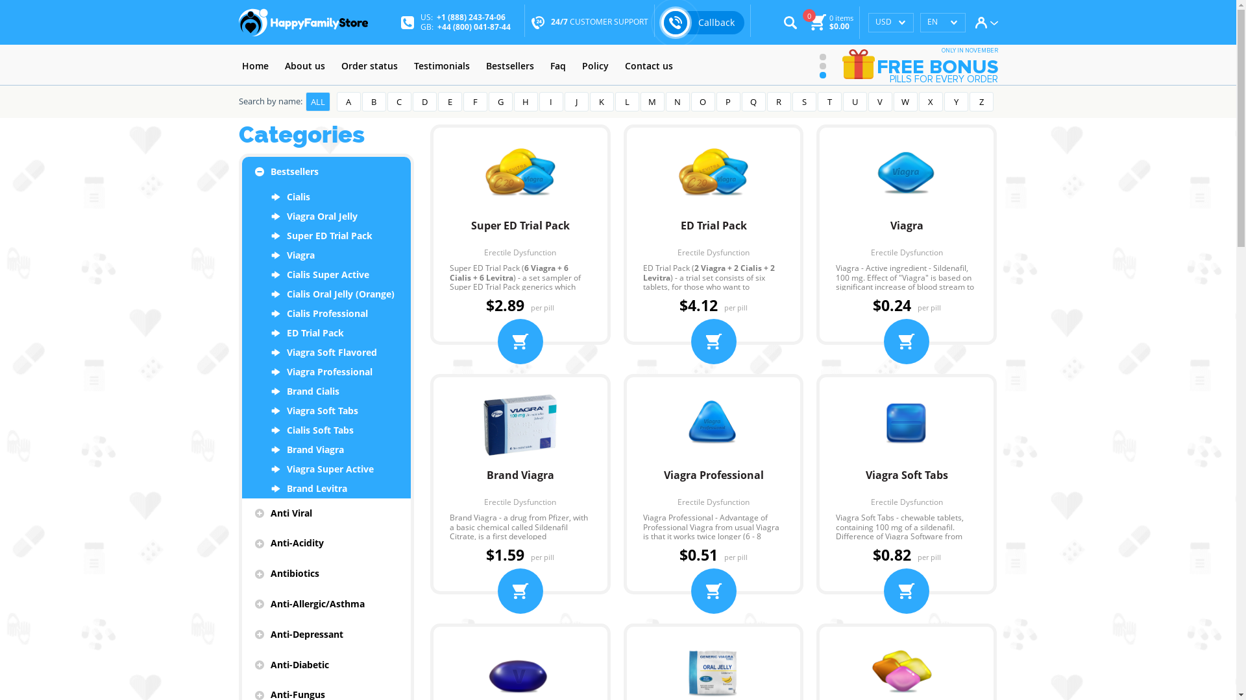 The image size is (1246, 700). What do you see at coordinates (578, 66) in the screenshot?
I see `'policy'` at bounding box center [578, 66].